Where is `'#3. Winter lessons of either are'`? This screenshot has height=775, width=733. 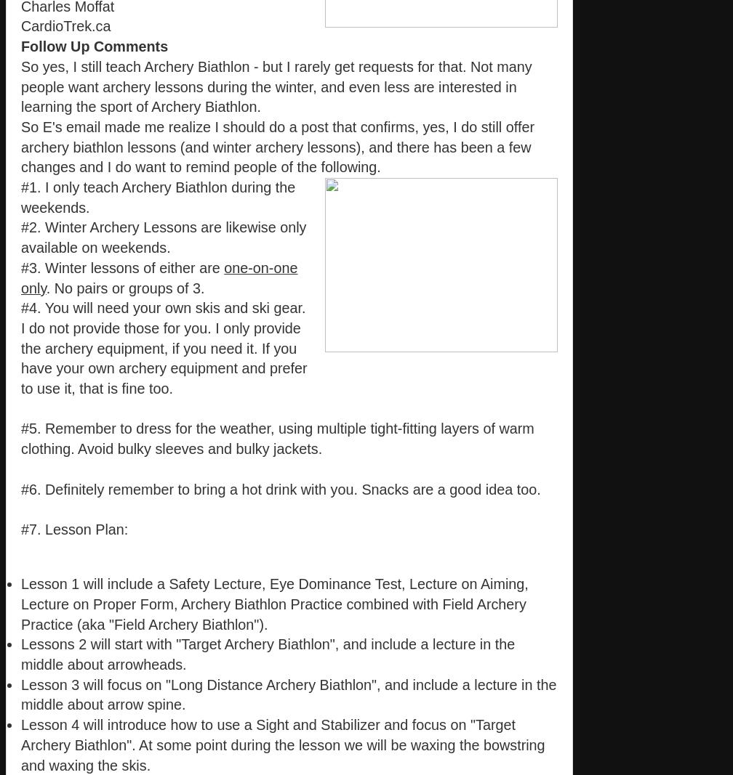
'#3. Winter lessons of either are' is located at coordinates (122, 267).